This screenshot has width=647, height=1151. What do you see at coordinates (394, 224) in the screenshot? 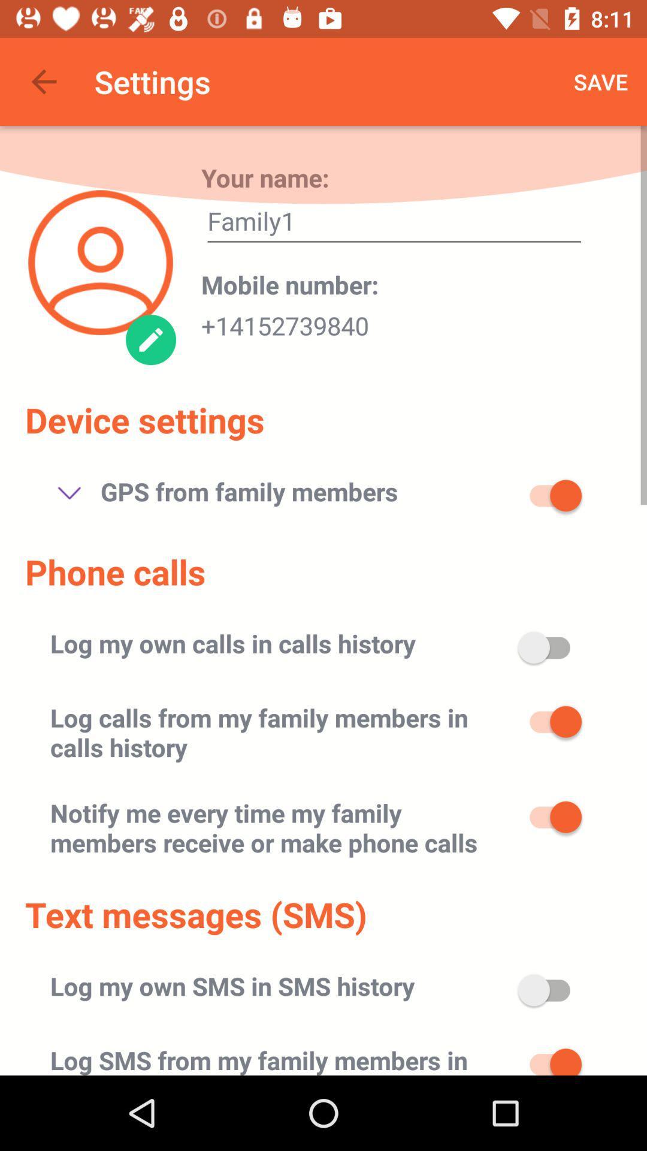
I see `family1 icon` at bounding box center [394, 224].